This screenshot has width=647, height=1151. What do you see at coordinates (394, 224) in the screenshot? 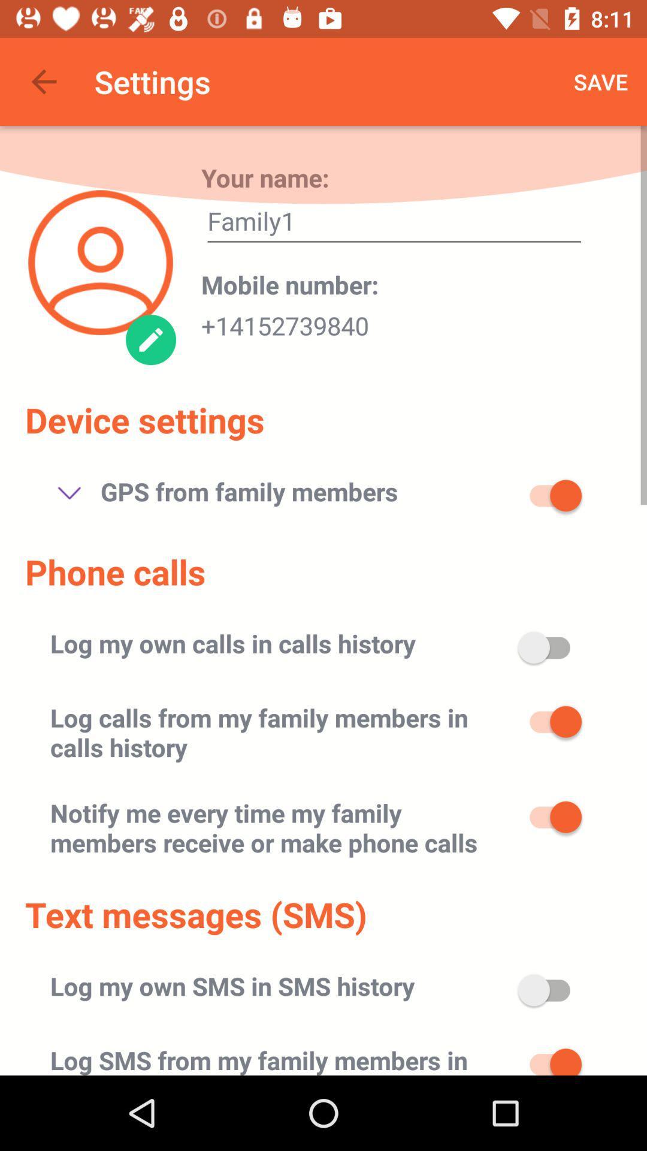
I see `family1 icon` at bounding box center [394, 224].